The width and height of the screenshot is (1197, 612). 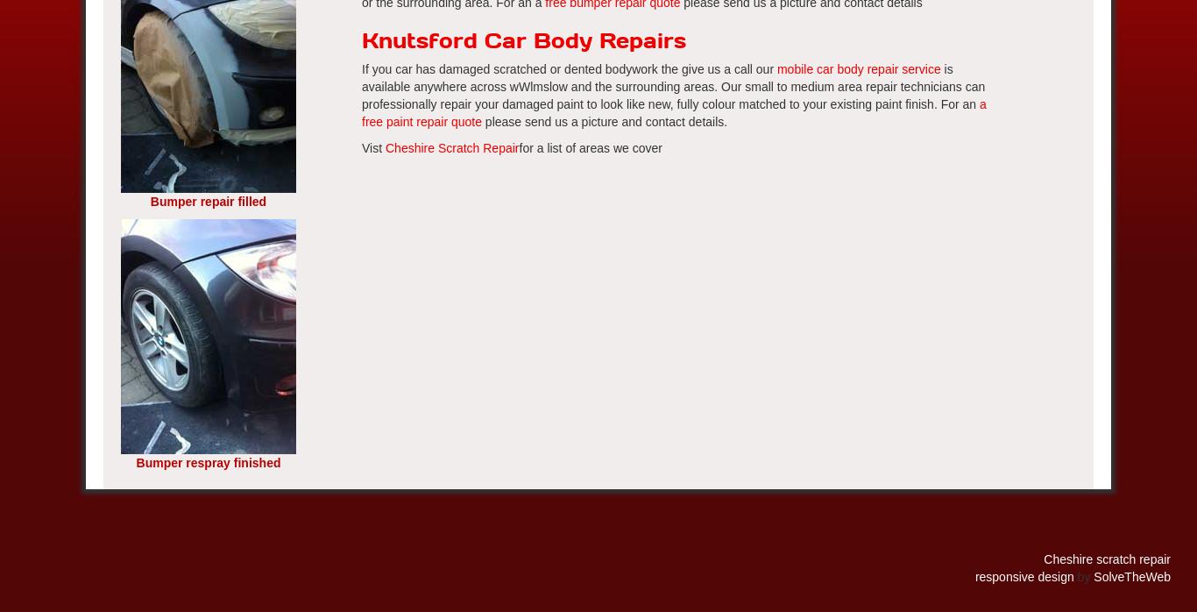 What do you see at coordinates (1044, 558) in the screenshot?
I see `'Cheshire scratch repair'` at bounding box center [1044, 558].